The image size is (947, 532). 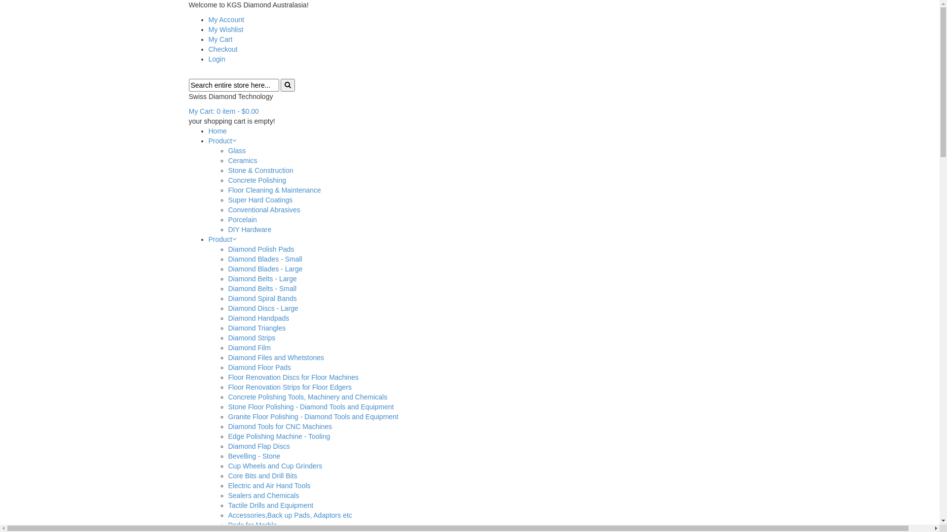 I want to click on 'Diamond Discs - Large', so click(x=262, y=307).